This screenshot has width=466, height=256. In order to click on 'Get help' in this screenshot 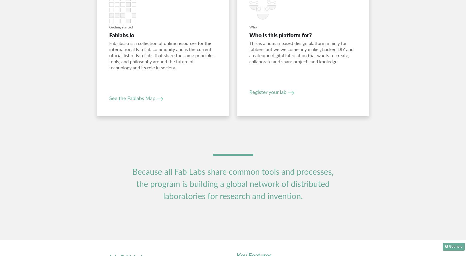, I will do `click(455, 247)`.